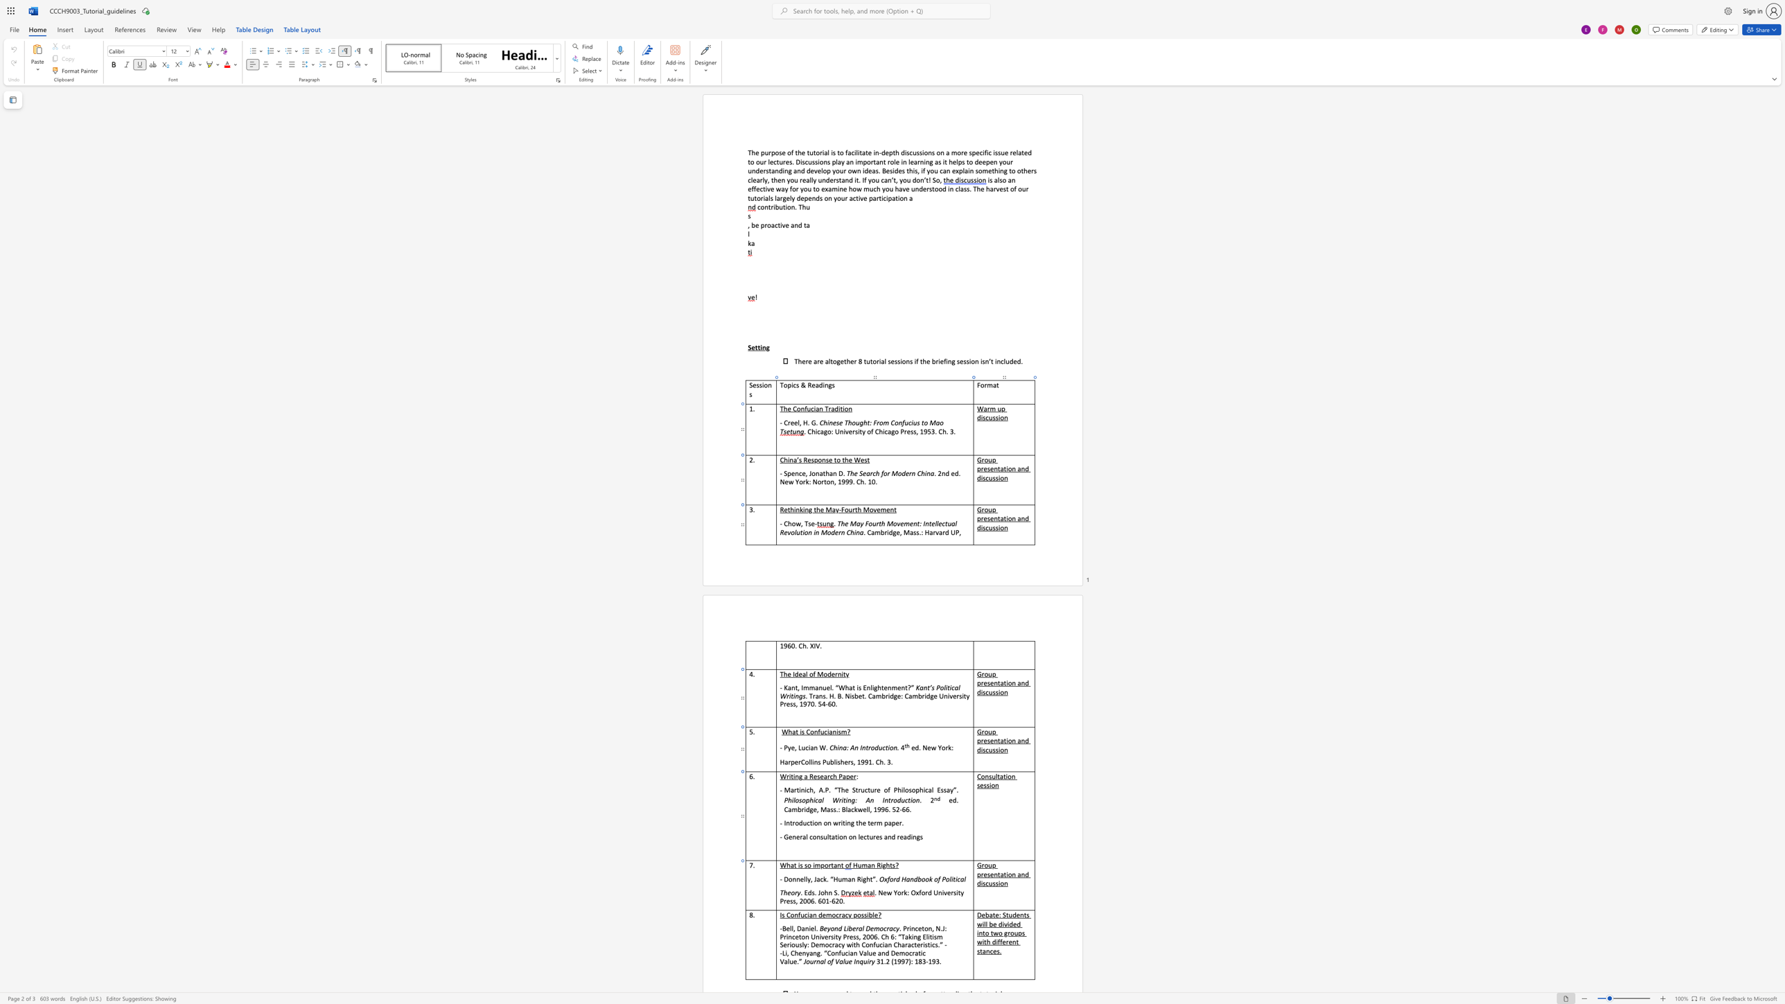 The image size is (1785, 1004). I want to click on the space between the continuous character "a" and "p" in the text, so click(890, 822).